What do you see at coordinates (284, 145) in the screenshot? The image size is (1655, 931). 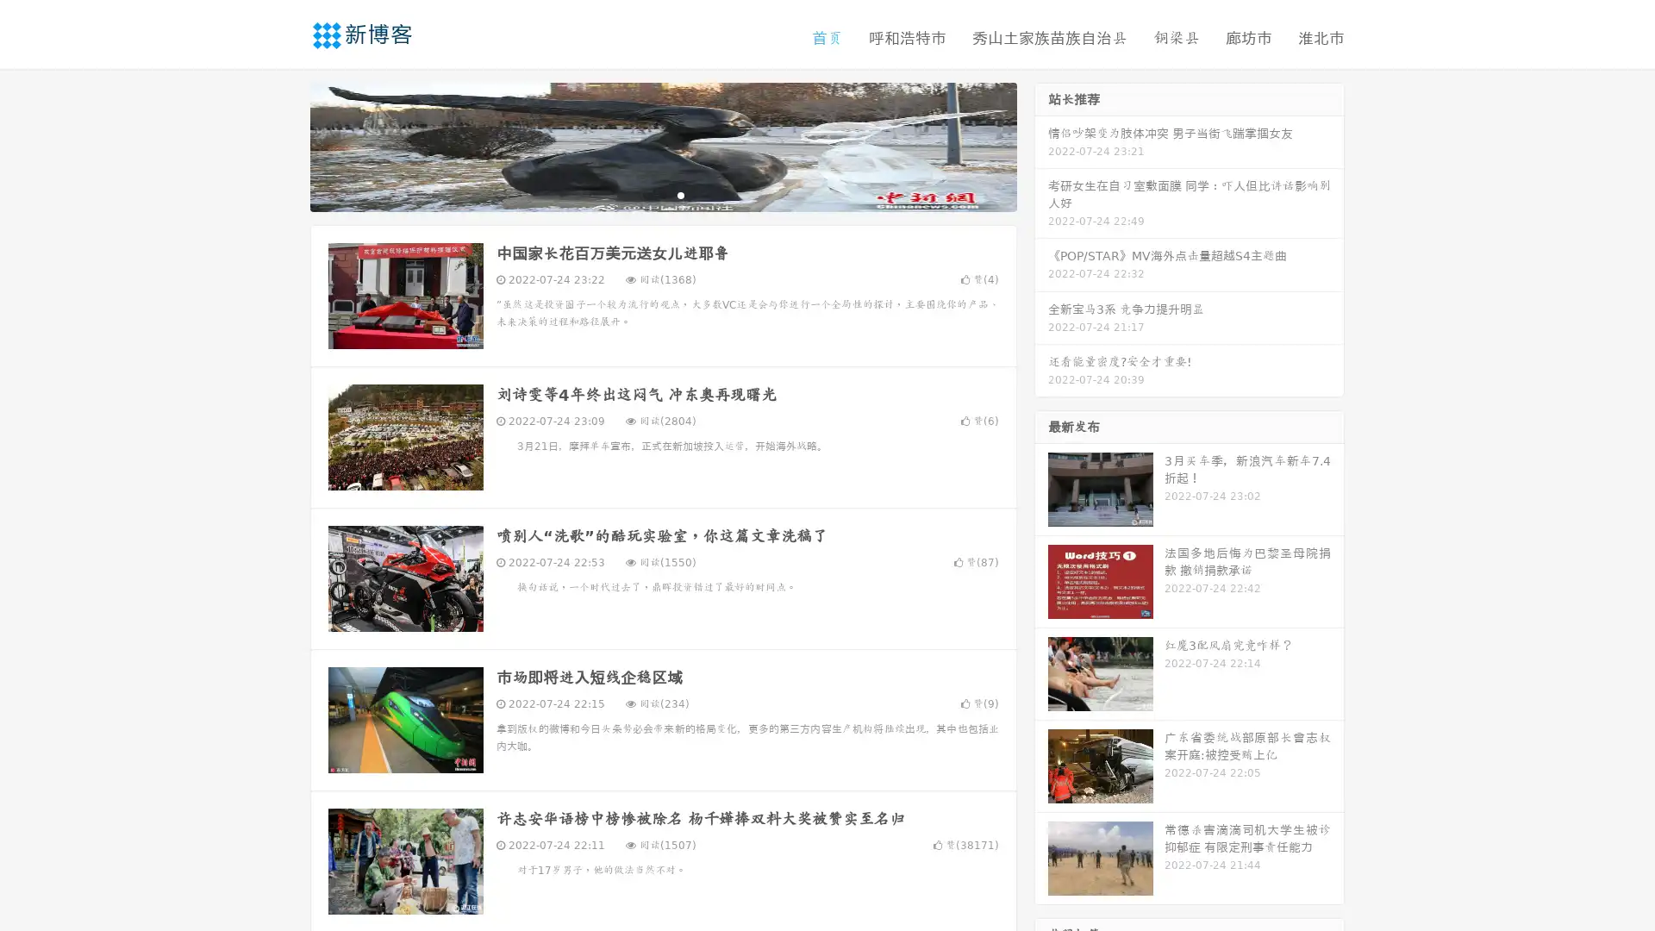 I see `Previous slide` at bounding box center [284, 145].